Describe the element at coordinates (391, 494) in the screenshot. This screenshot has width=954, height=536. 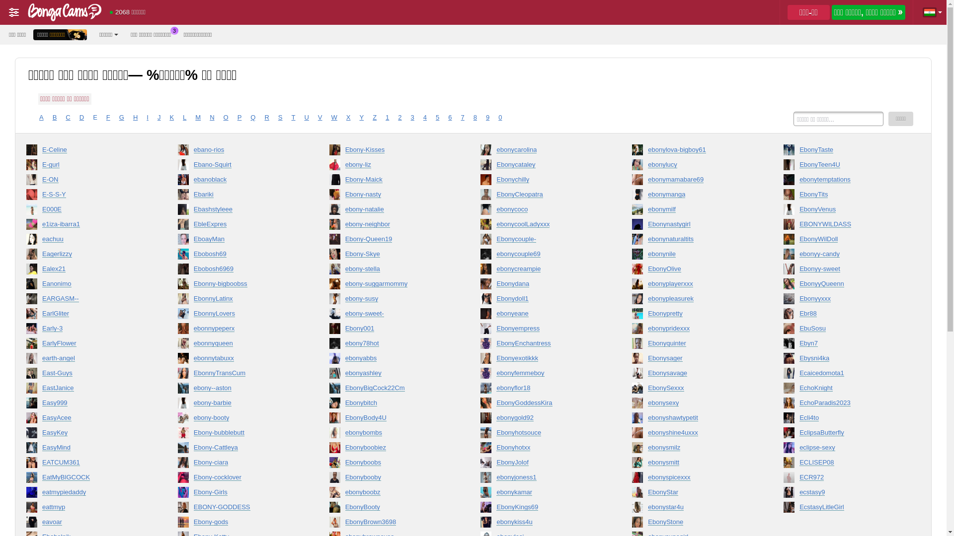
I see `'ebonyboobz'` at that location.